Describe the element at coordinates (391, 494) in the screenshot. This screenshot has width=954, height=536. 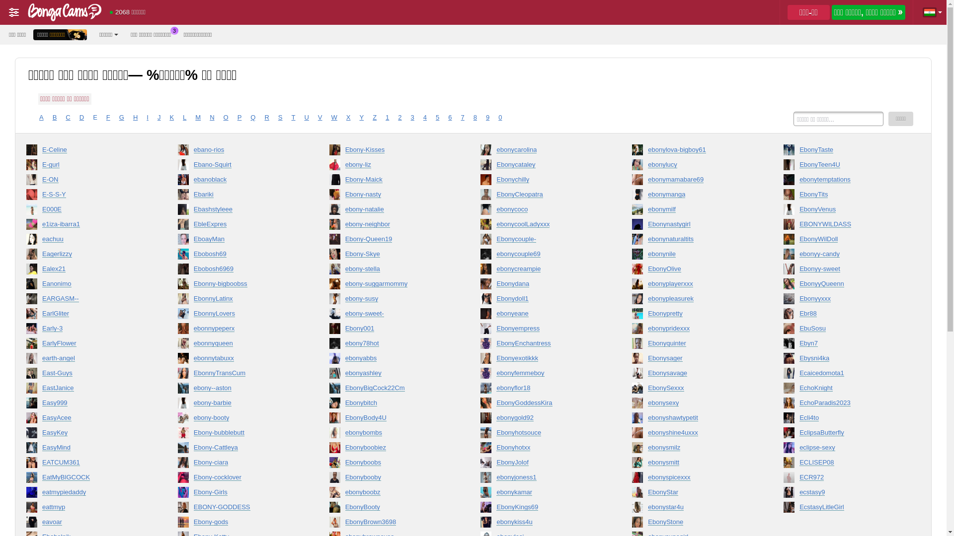
I see `'ebonyboobz'` at that location.